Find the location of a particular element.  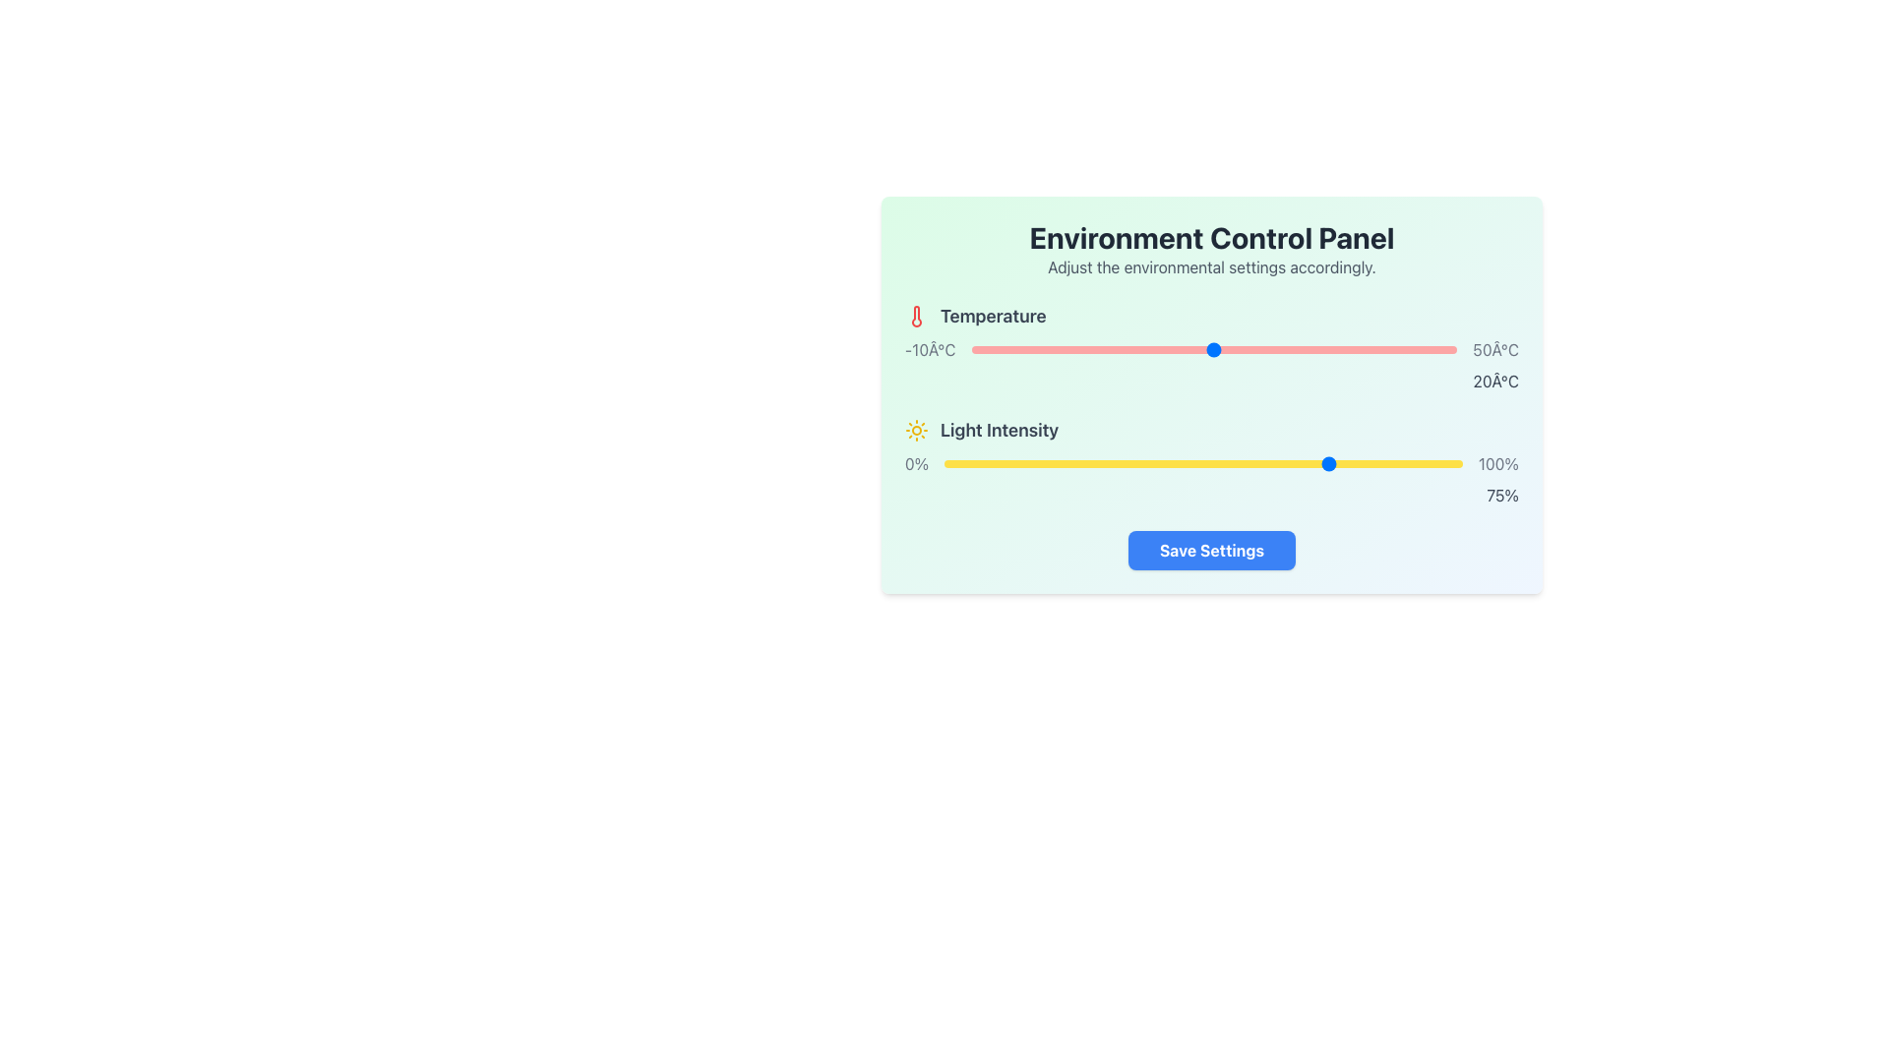

the light intensity is located at coordinates (1031, 463).